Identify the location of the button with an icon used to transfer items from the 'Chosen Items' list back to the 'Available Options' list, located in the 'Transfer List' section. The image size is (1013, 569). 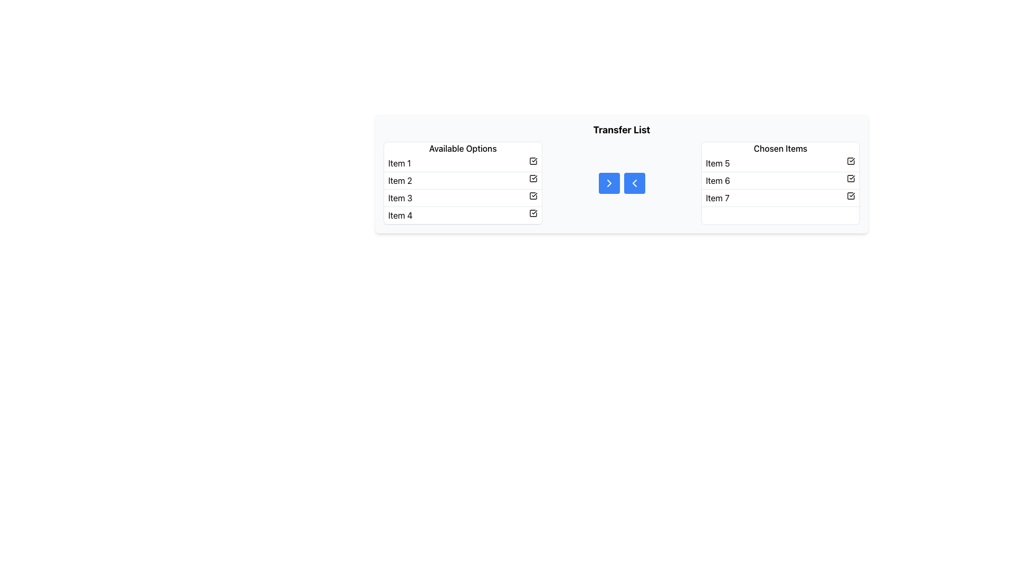
(634, 182).